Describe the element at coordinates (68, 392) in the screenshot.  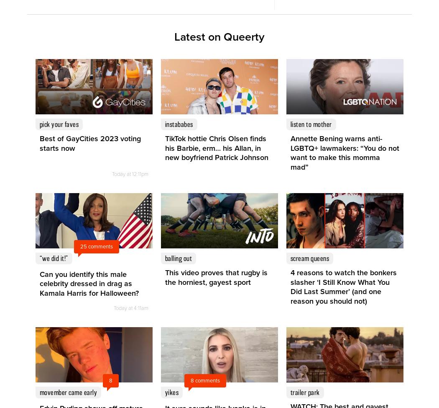
I see `'movember came early'` at that location.